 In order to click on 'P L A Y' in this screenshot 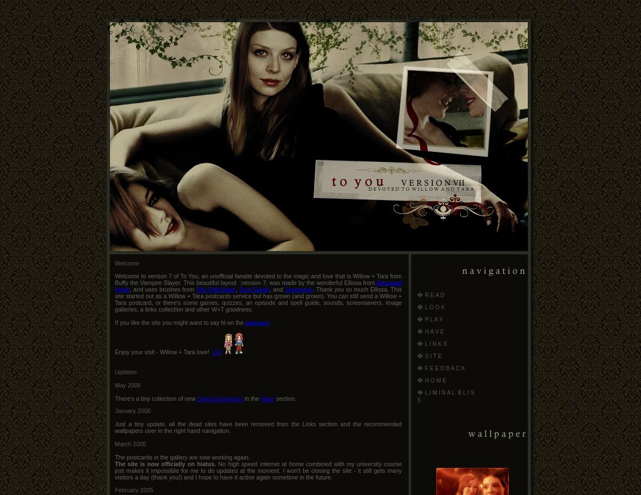, I will do `click(433, 319)`.